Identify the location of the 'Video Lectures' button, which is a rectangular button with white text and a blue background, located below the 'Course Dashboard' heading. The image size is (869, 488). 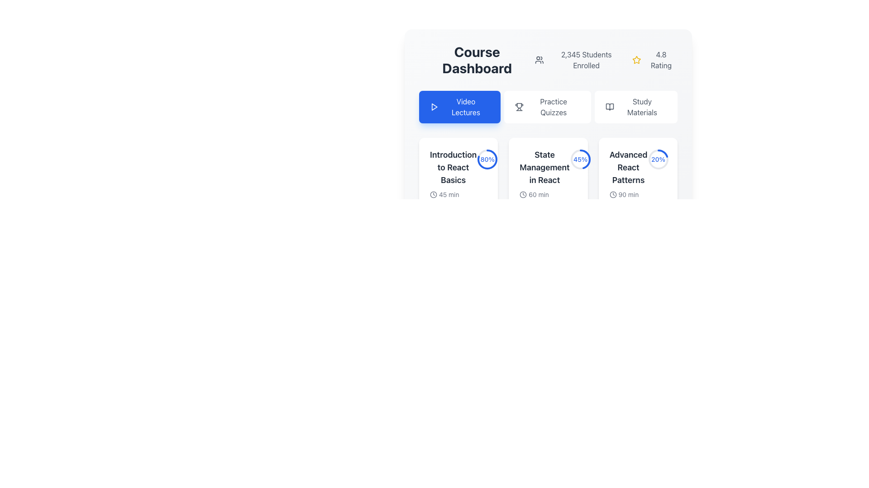
(459, 106).